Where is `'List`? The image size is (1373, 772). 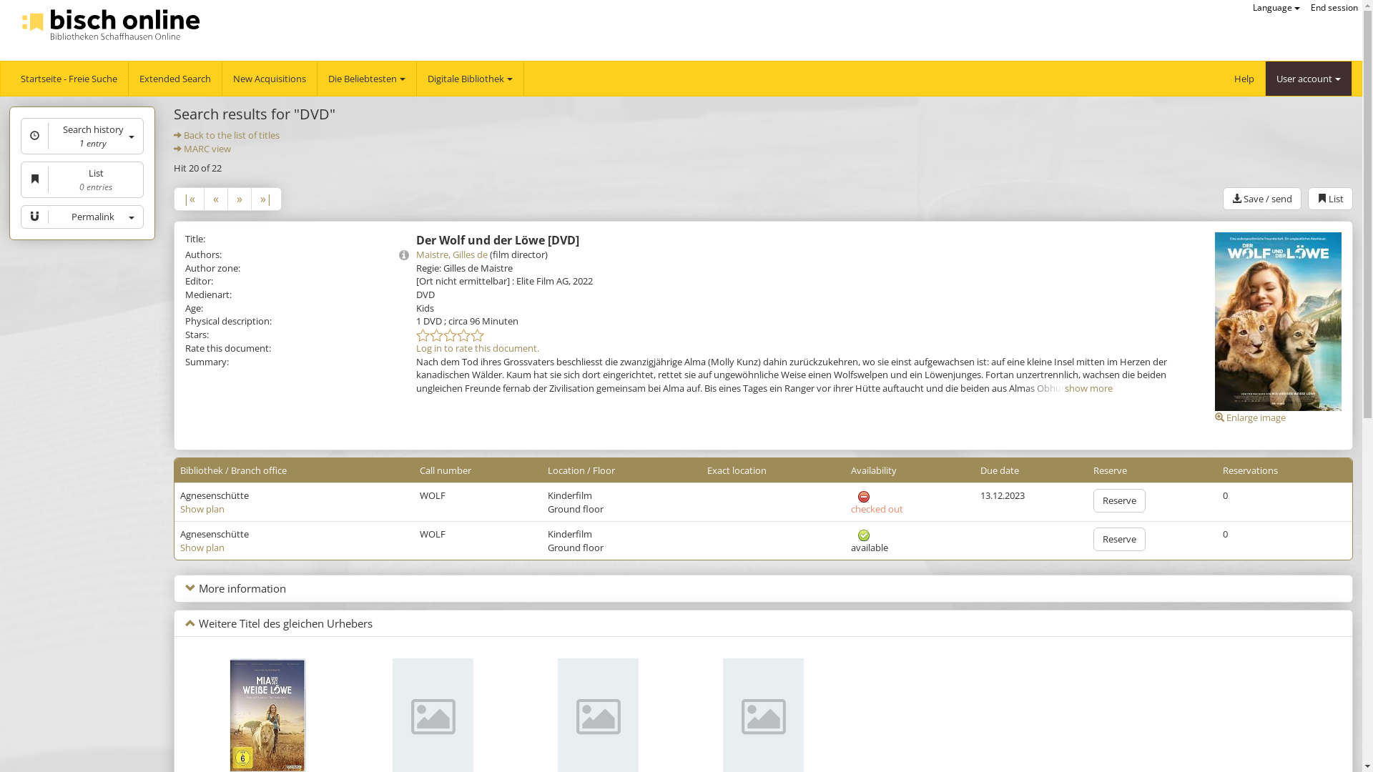
'List is located at coordinates (82, 179).